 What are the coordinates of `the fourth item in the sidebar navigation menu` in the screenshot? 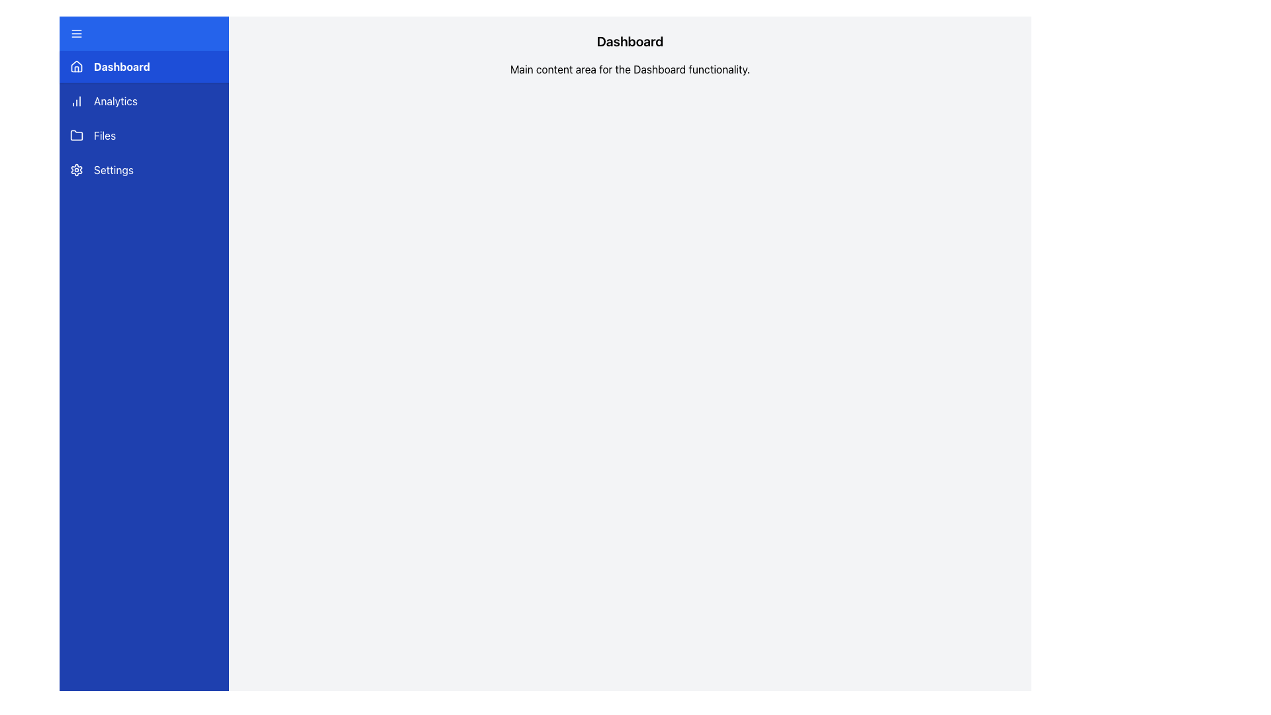 It's located at (144, 169).